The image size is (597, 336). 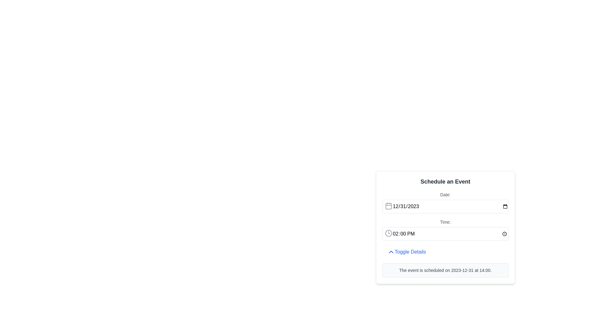 What do you see at coordinates (445, 234) in the screenshot?
I see `the time input field labeled '- Time:'` at bounding box center [445, 234].